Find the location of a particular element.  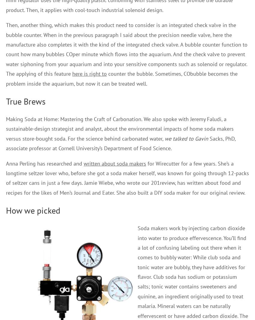

'Sacks, PhD, associate professor at Cornell University’s Department of Food Science.' is located at coordinates (121, 143).